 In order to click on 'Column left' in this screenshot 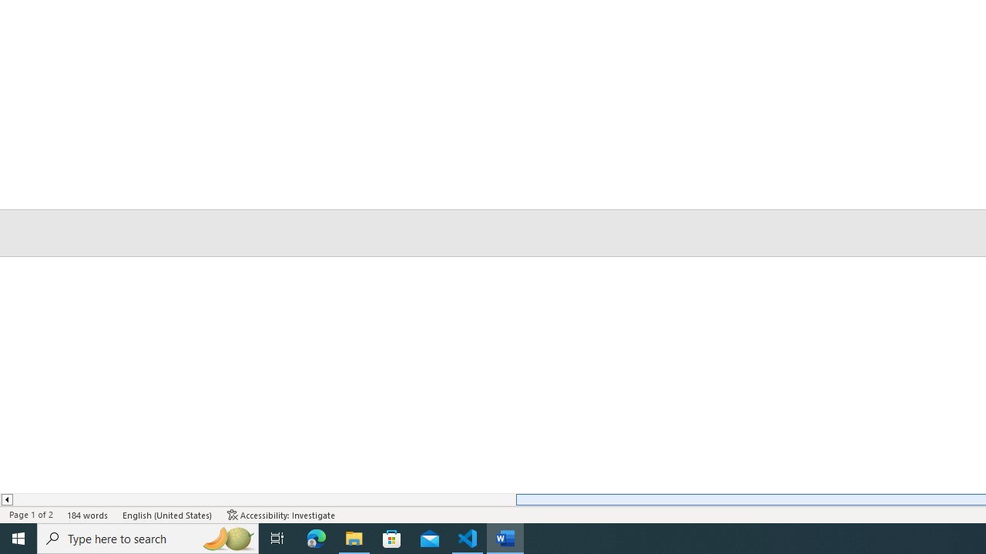, I will do `click(6, 499)`.